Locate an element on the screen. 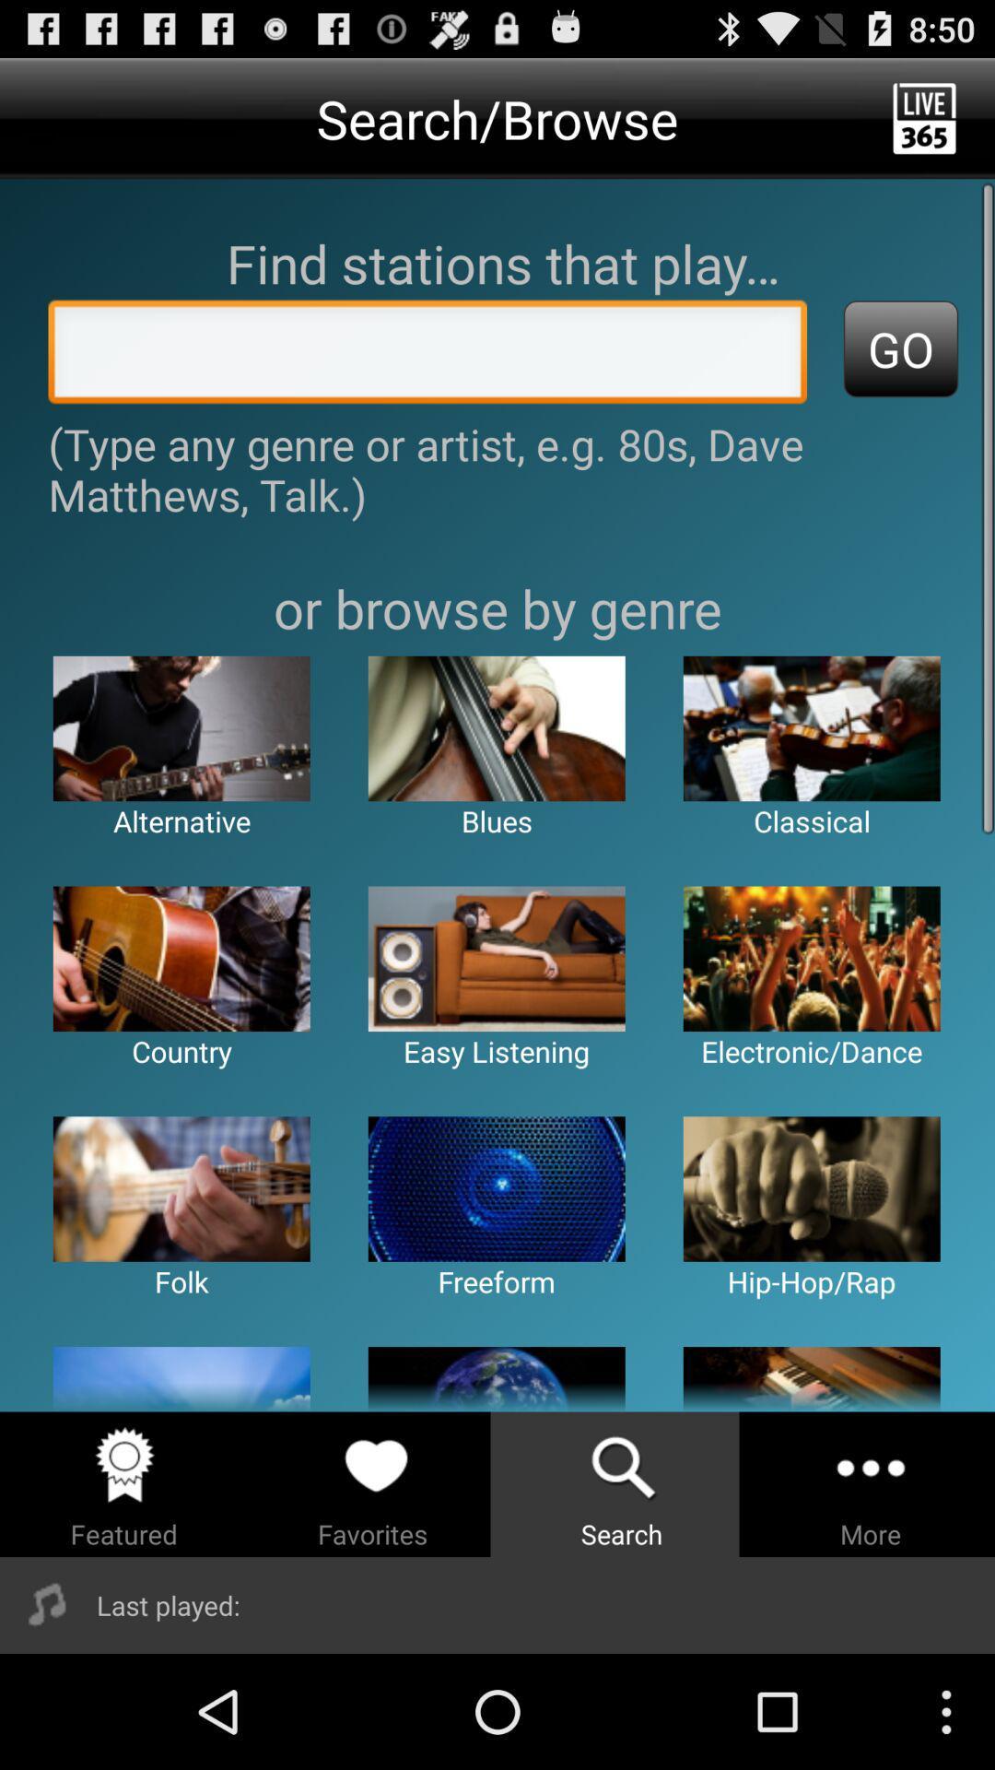 This screenshot has width=995, height=1770. the search option from the below is located at coordinates (622, 1484).